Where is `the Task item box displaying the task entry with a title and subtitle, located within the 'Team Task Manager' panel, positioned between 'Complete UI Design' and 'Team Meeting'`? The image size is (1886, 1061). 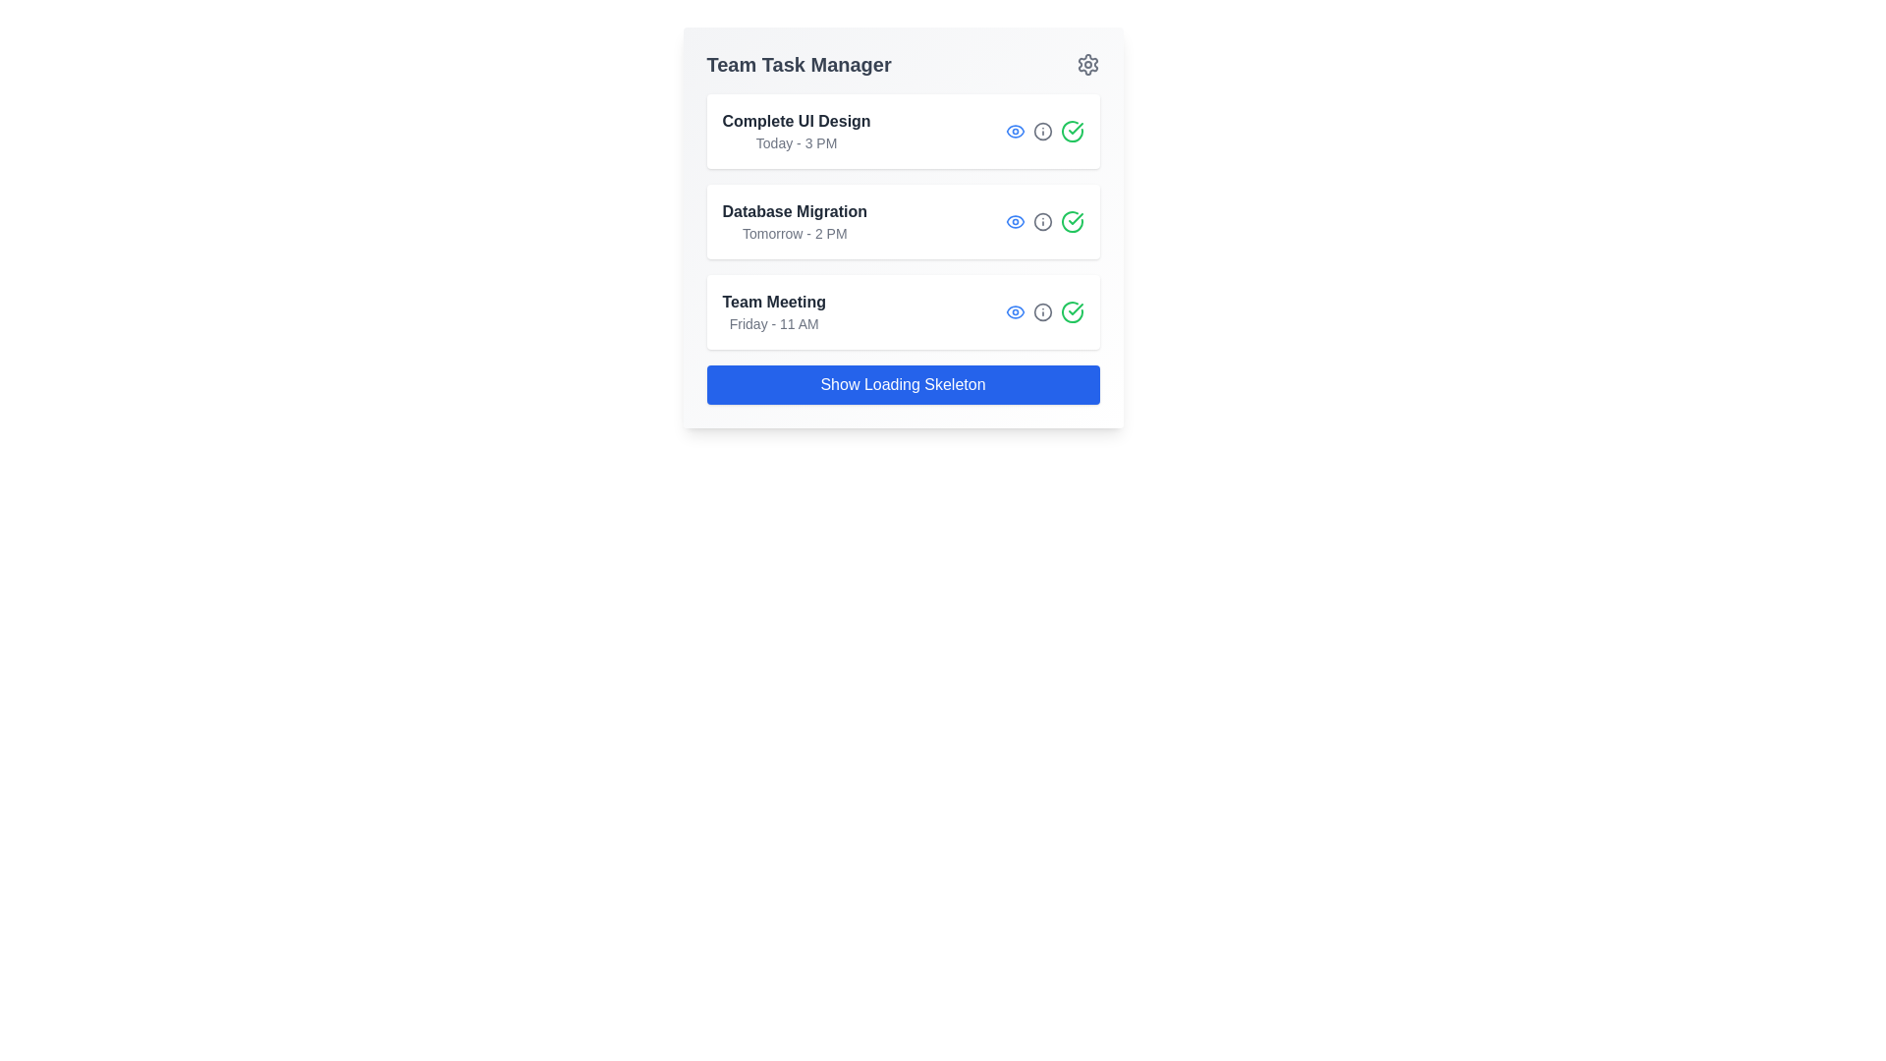 the Task item box displaying the task entry with a title and subtitle, located within the 'Team Task Manager' panel, positioned between 'Complete UI Design' and 'Team Meeting' is located at coordinates (902, 226).